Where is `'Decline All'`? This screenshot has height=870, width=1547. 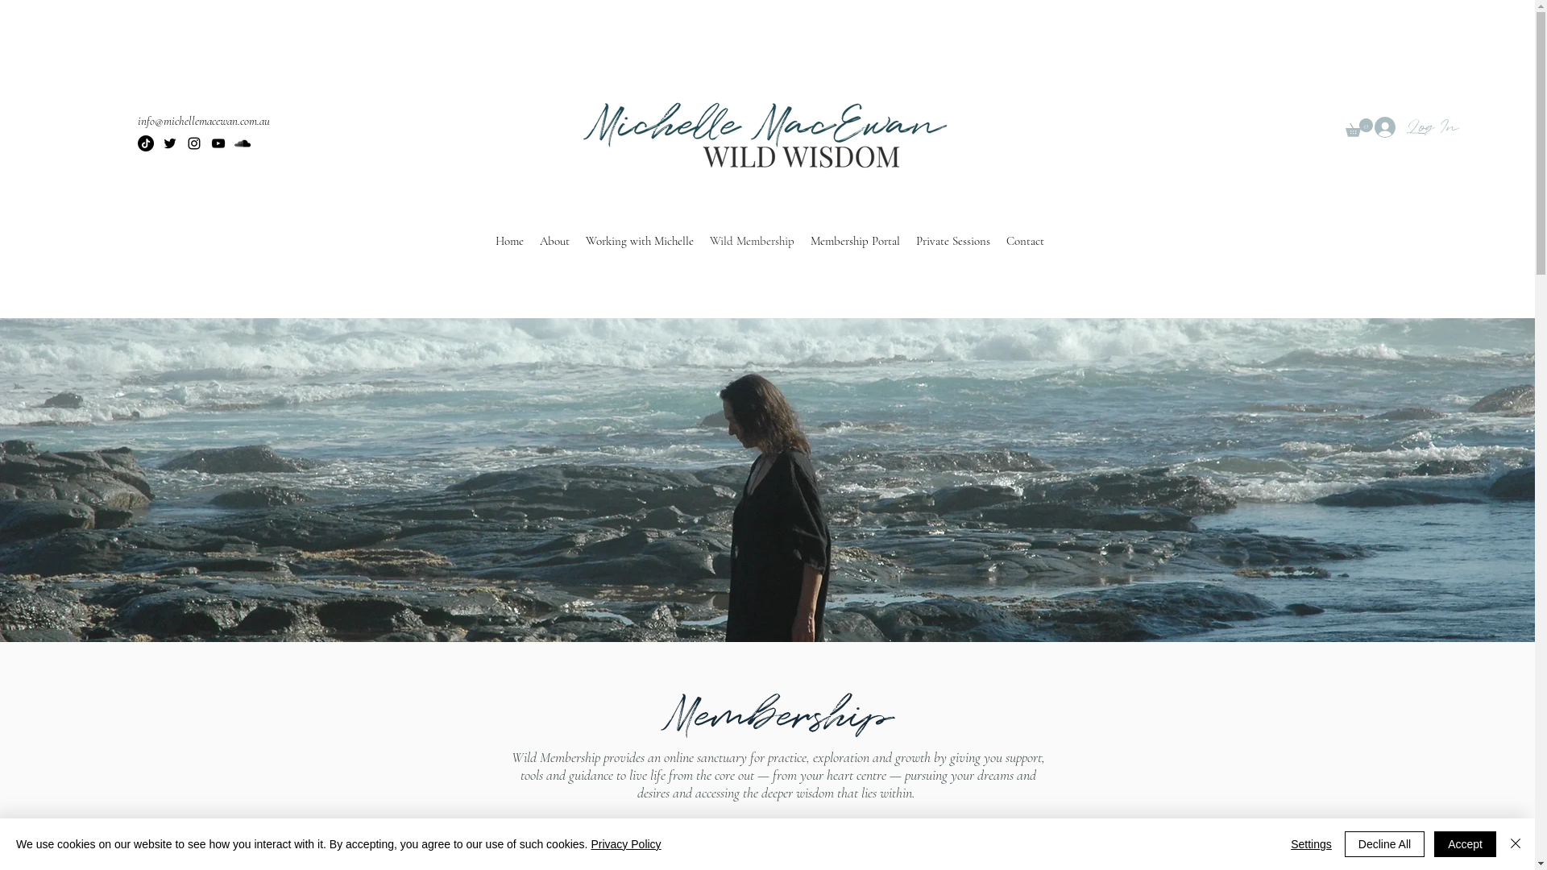
'Decline All' is located at coordinates (1383, 843).